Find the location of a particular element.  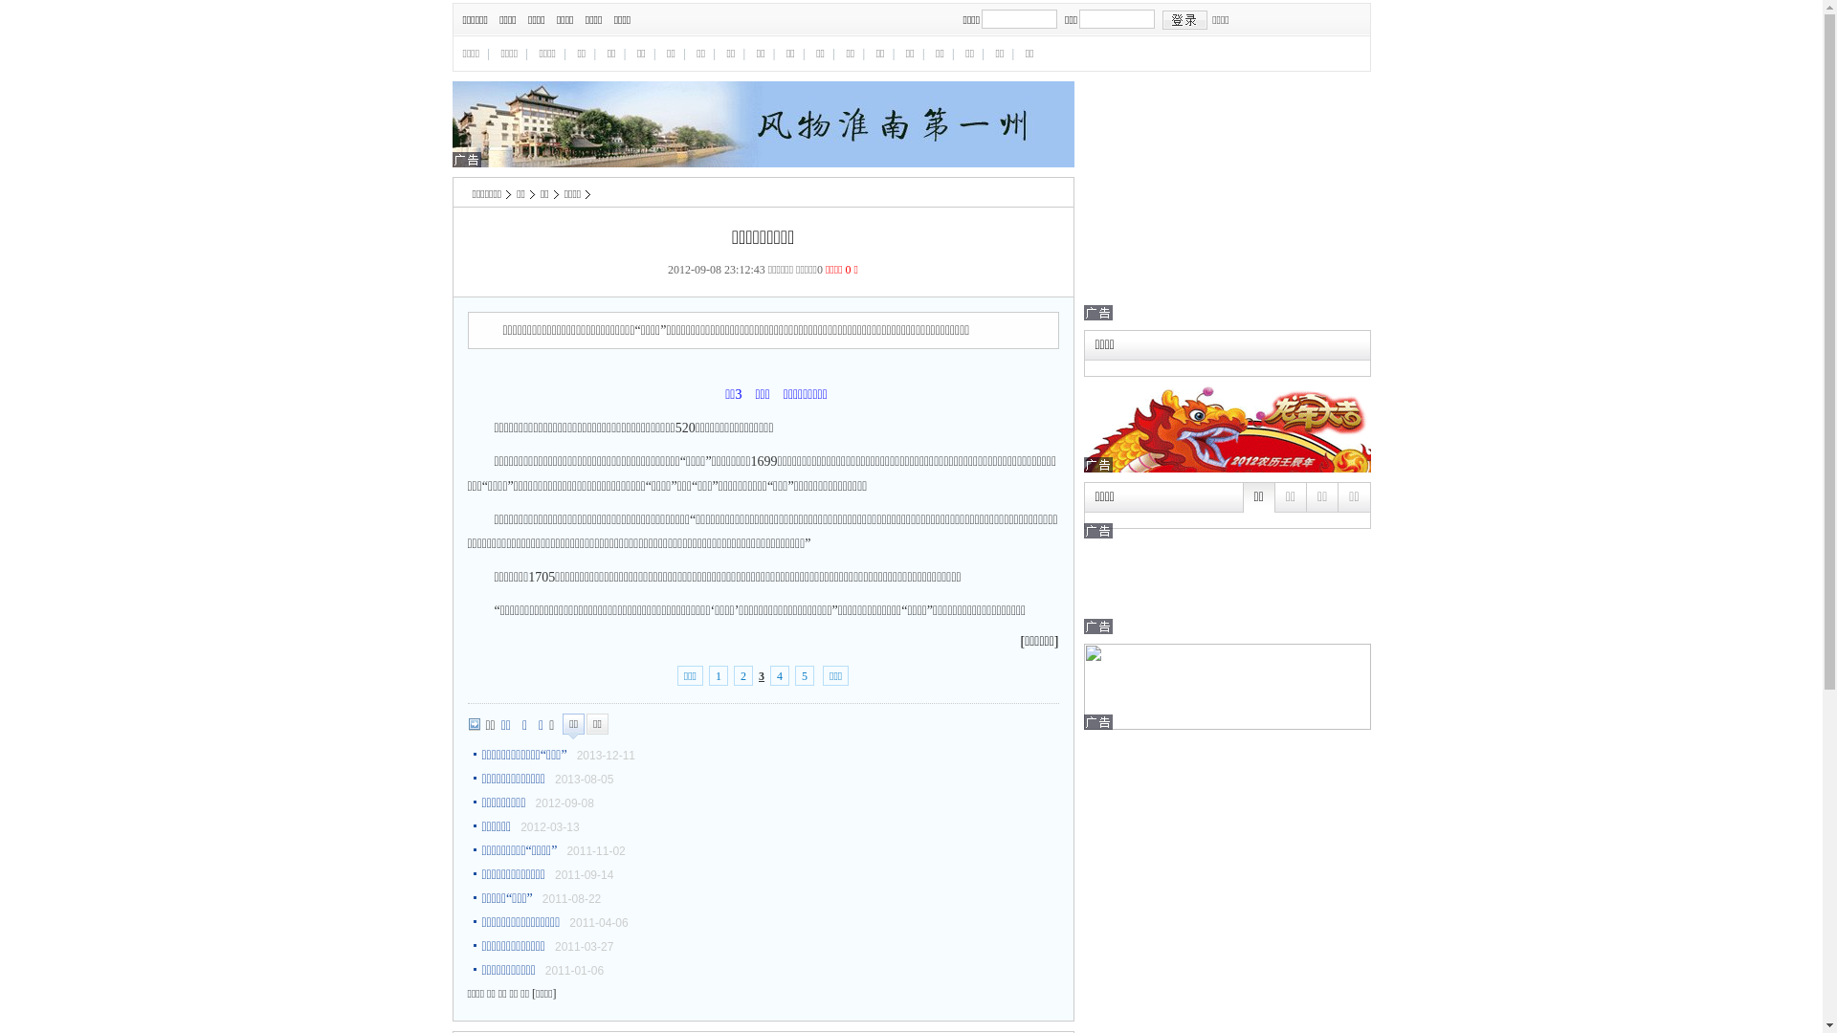

'1' is located at coordinates (717, 674).